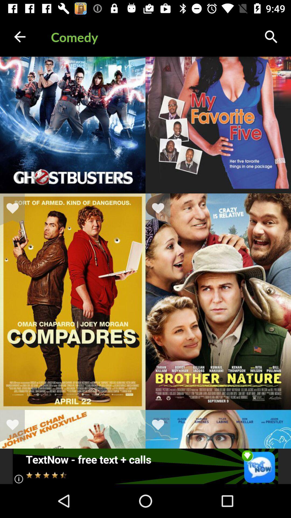 The image size is (291, 518). I want to click on the movie to favorites, so click(16, 209).